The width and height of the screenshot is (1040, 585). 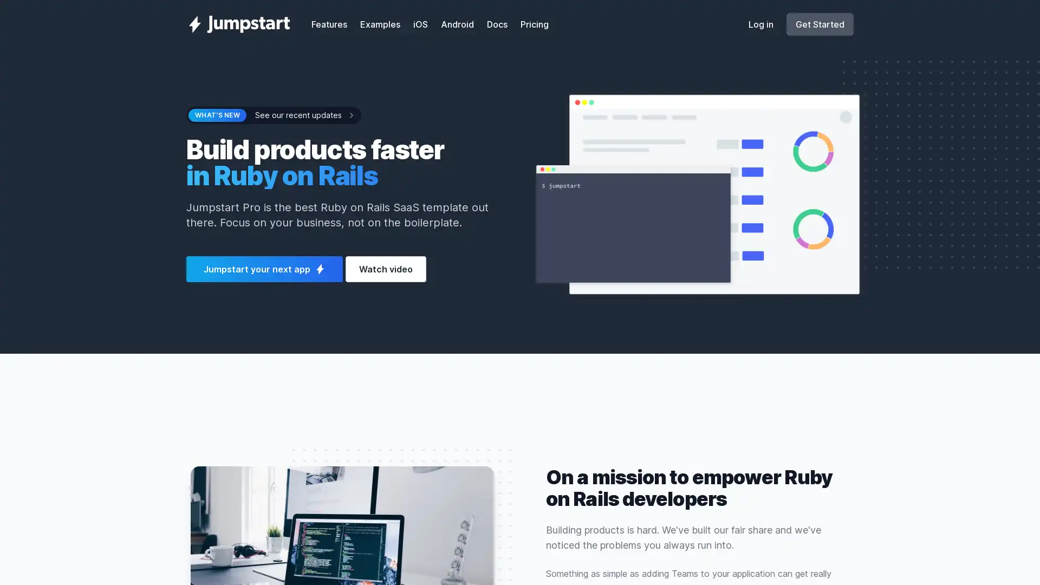 I want to click on Watch video, so click(x=386, y=269).